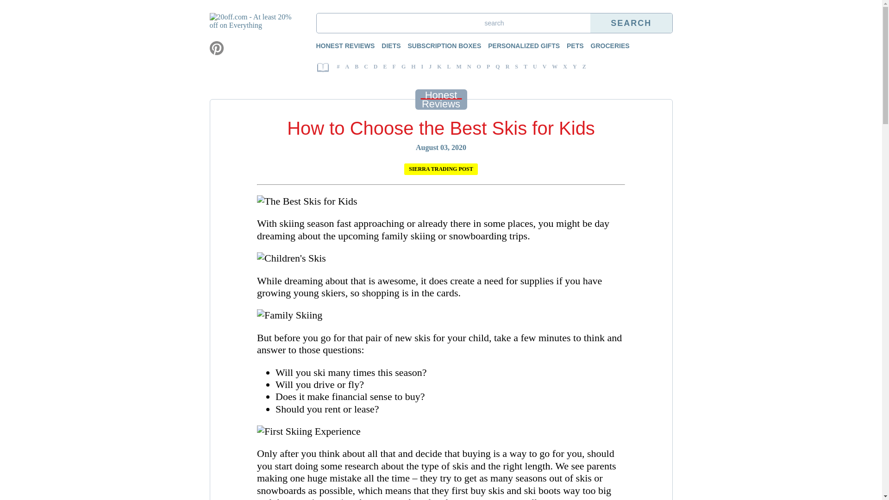 This screenshot has height=500, width=889. Describe the element at coordinates (516, 66) in the screenshot. I see `'S'` at that location.